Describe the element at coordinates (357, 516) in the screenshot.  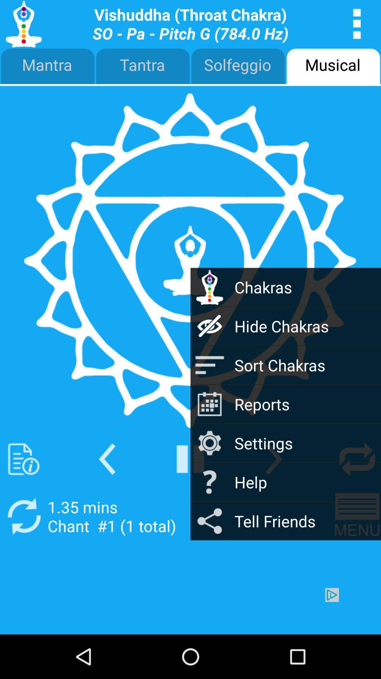
I see `navigation menu` at that location.